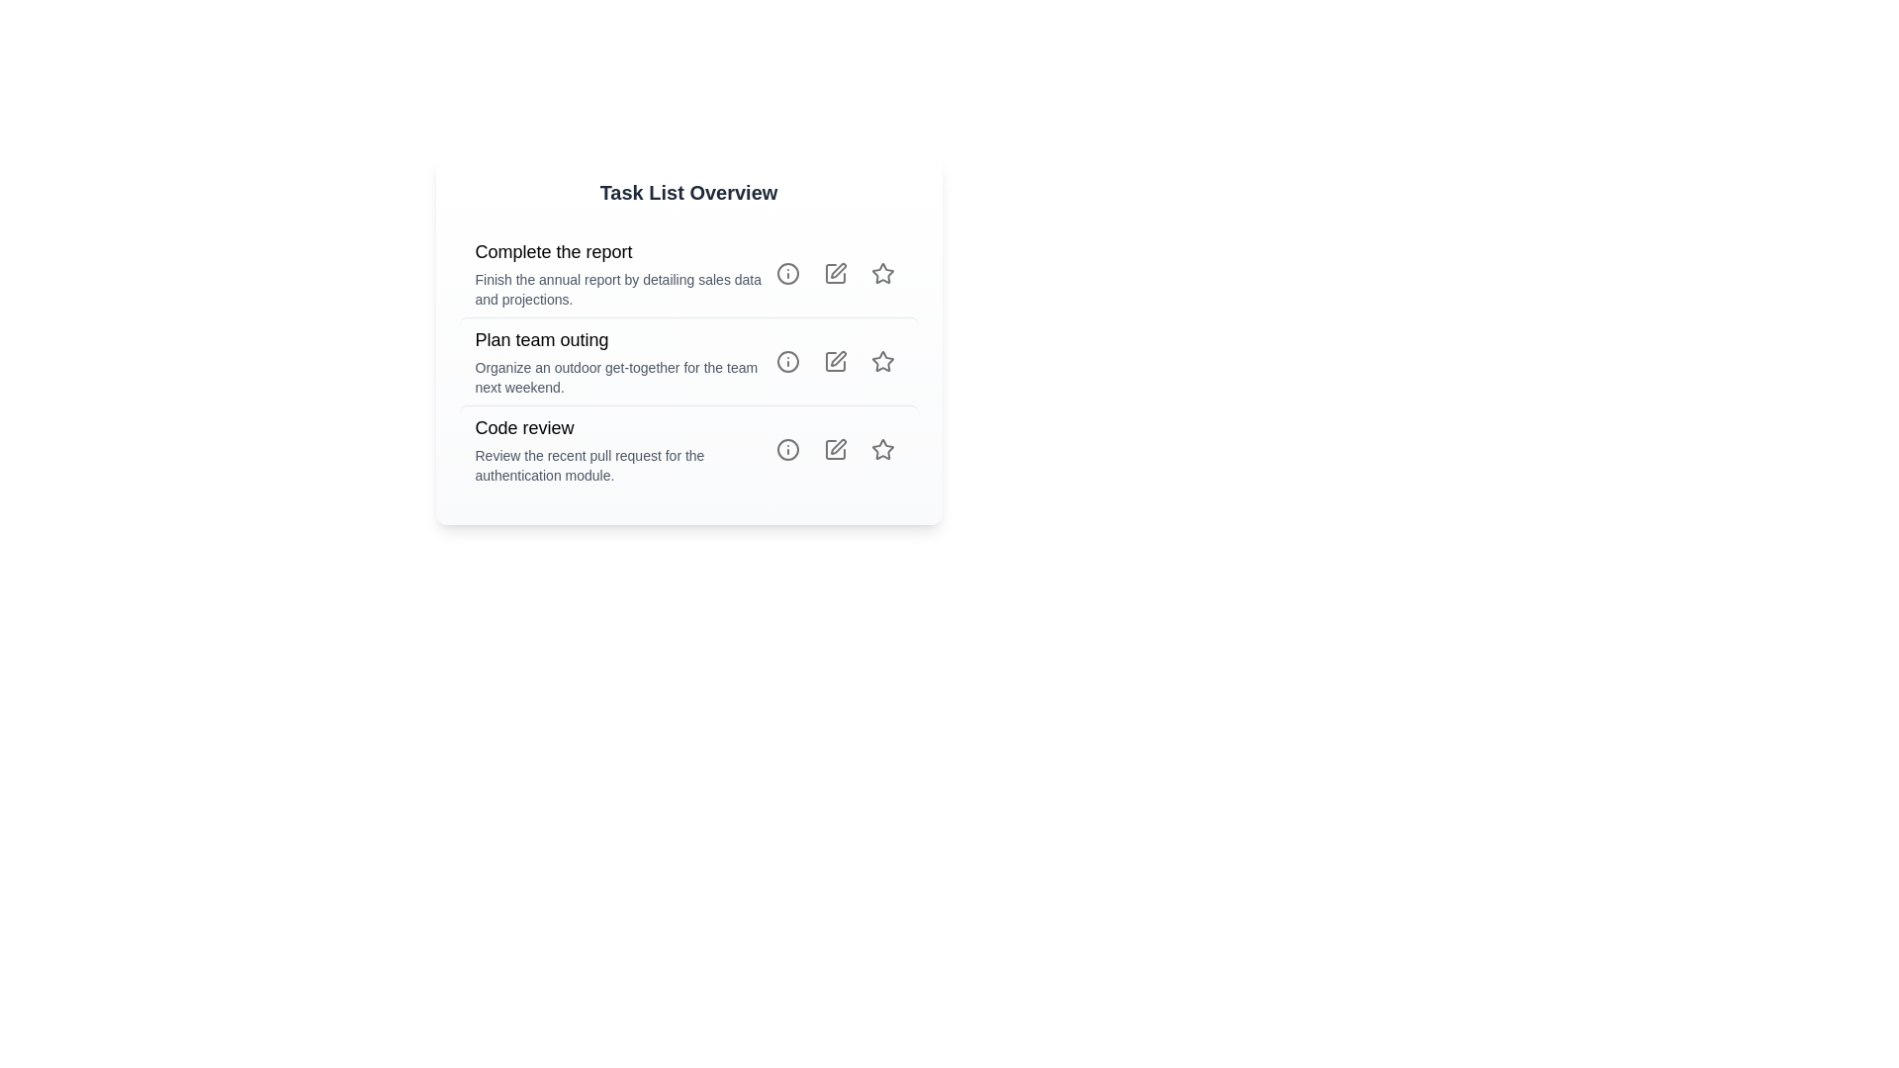 Image resolution: width=1899 pixels, height=1068 pixels. I want to click on the edit icon located on the right side of the 'Code review' task item in the third row of the task list to receive a tooltip if available, so click(835, 450).